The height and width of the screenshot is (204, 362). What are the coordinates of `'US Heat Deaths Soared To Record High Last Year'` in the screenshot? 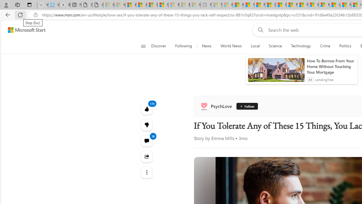 It's located at (335, 5).